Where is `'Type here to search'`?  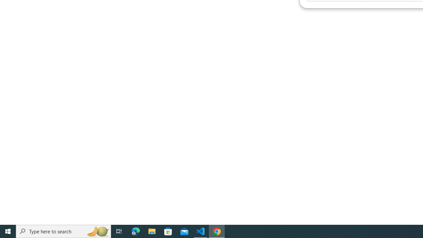
'Type here to search' is located at coordinates (63, 231).